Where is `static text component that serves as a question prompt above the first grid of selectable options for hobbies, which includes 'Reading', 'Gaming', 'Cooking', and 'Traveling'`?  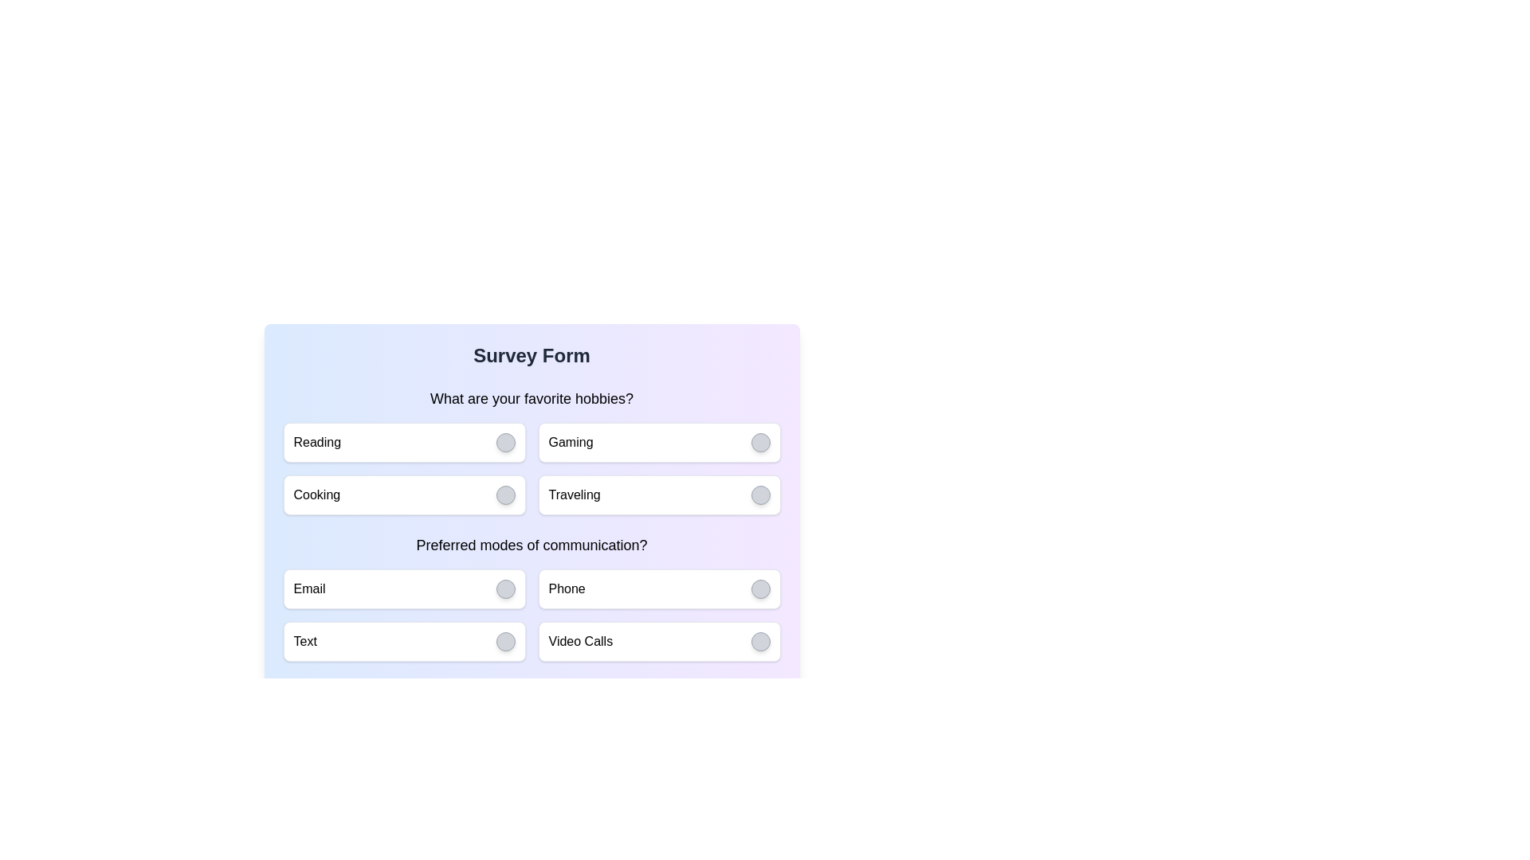 static text component that serves as a question prompt above the first grid of selectable options for hobbies, which includes 'Reading', 'Gaming', 'Cooking', and 'Traveling' is located at coordinates (532, 398).